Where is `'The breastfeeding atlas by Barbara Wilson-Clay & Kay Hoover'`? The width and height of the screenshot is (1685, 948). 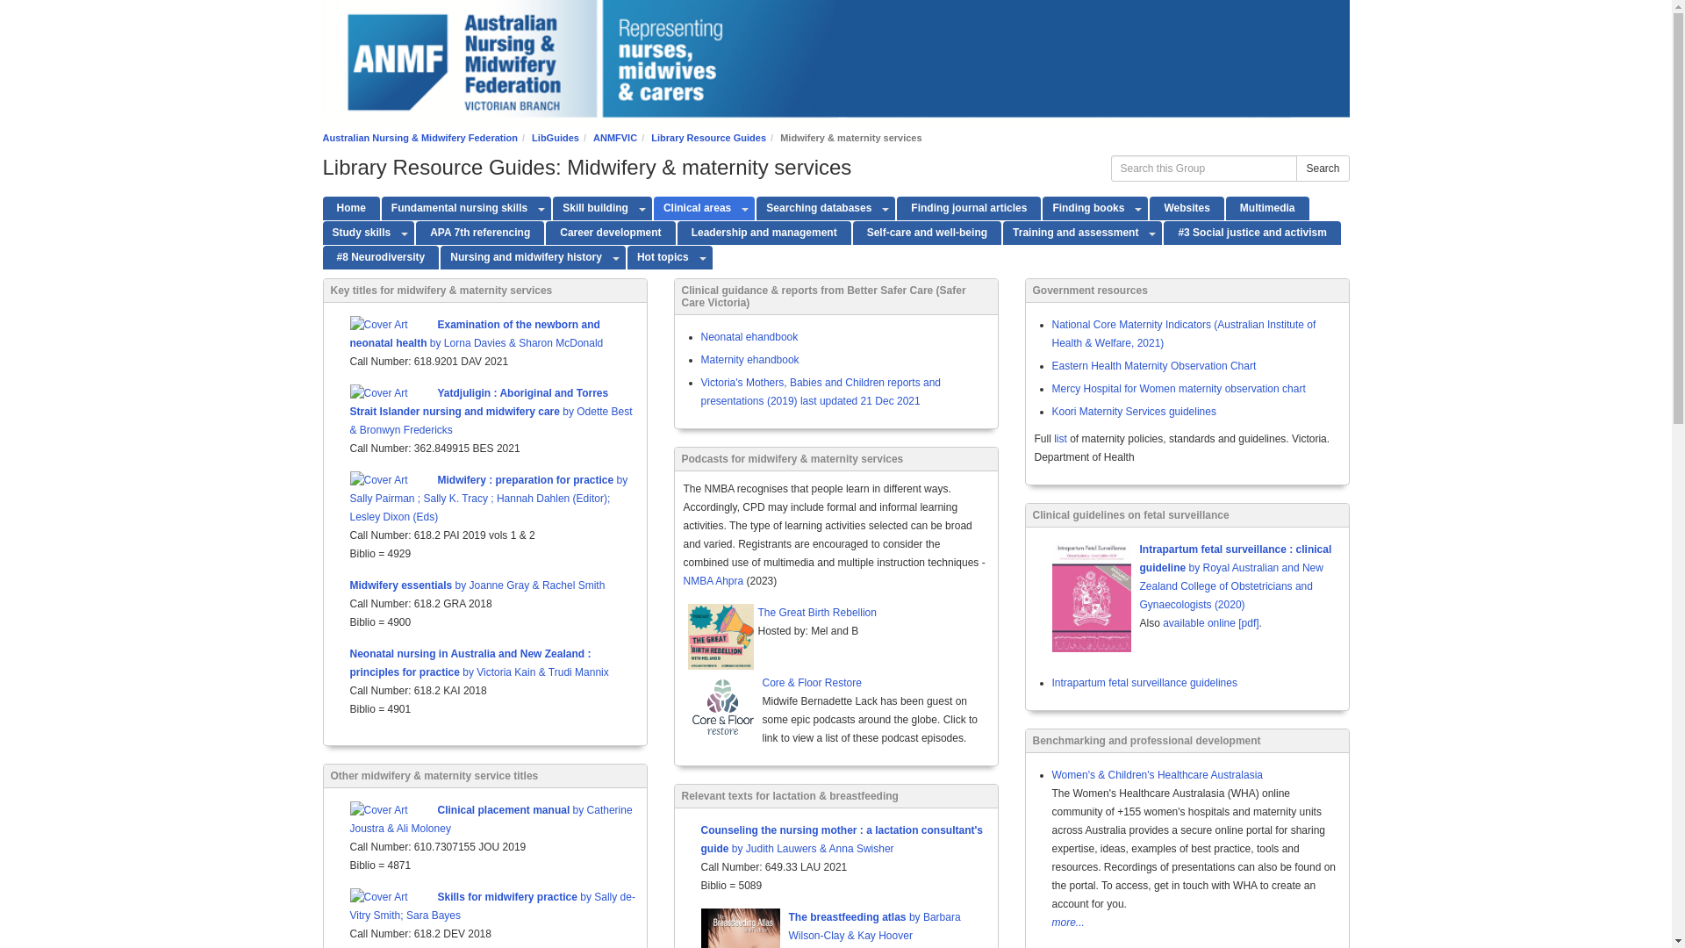
'The breastfeeding atlas by Barbara Wilson-Clay & Kay Hoover' is located at coordinates (874, 925).